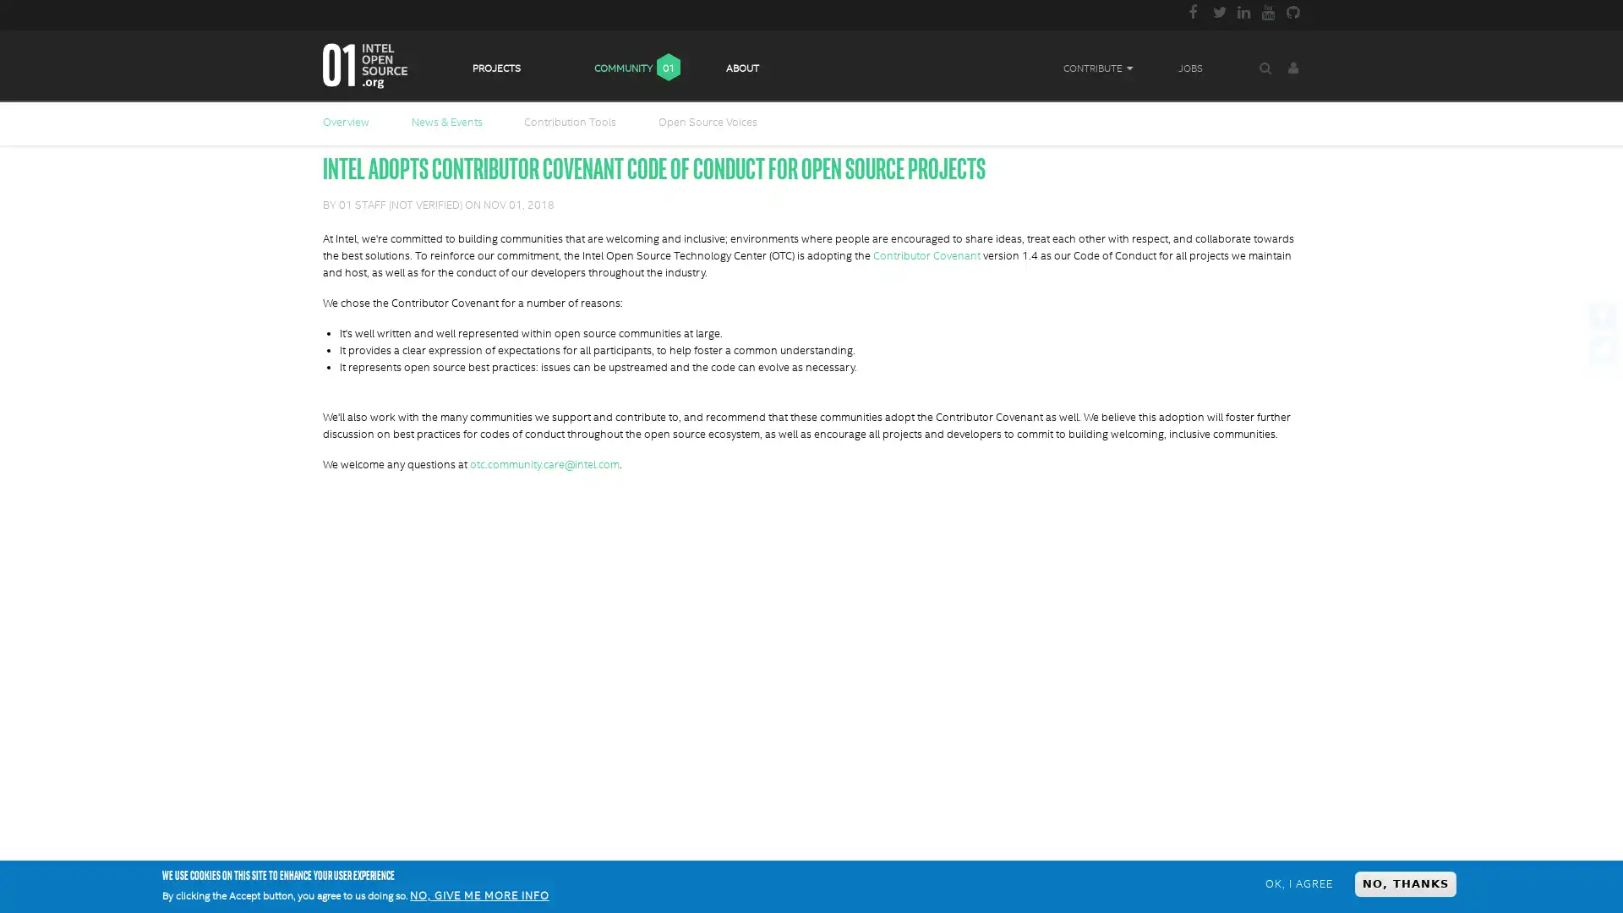 Image resolution: width=1623 pixels, height=913 pixels. What do you see at coordinates (1298, 883) in the screenshot?
I see `OK, I AGREE` at bounding box center [1298, 883].